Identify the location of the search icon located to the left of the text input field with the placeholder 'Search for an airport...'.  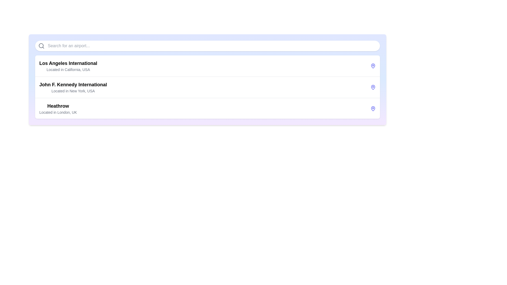
(41, 45).